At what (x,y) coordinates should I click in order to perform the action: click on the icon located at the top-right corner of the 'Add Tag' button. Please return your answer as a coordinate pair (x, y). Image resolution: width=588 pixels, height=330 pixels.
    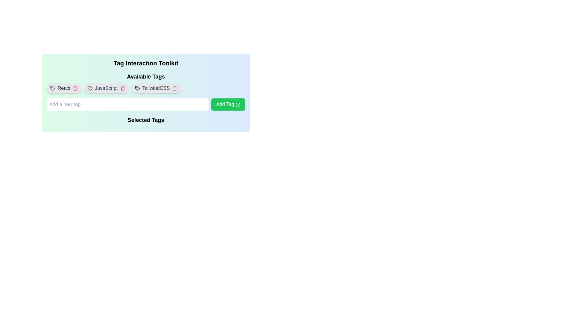
    Looking at the image, I should click on (238, 104).